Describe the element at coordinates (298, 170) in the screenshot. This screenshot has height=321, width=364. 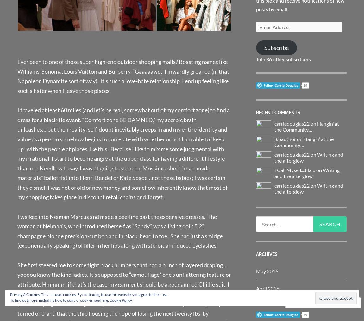
I see `'I Call Myself....Fla… on'` at that location.